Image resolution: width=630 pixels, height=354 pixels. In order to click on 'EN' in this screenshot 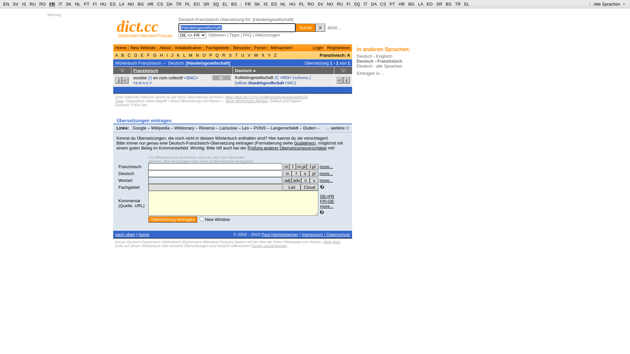, I will do `click(6, 4)`.